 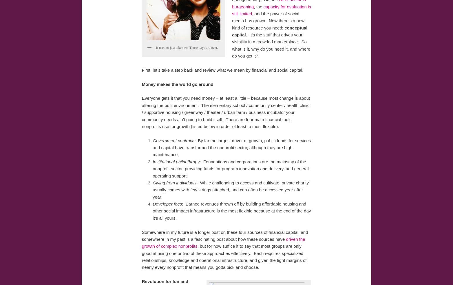 I want to click on ', but for now suffice it to say that most groups are only good at using one or two of these approaches effectively.  Each requires specialized relationships, knowledge and operational infrastructure, and given the tight margins of nearly every nonprofit that means you gotta pick and choose.', so click(x=224, y=256).